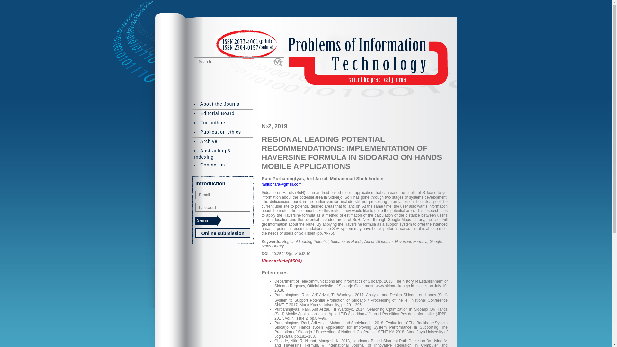 This screenshot has height=347, width=617. I want to click on 'raniubhara@gmail.com', so click(281, 184).